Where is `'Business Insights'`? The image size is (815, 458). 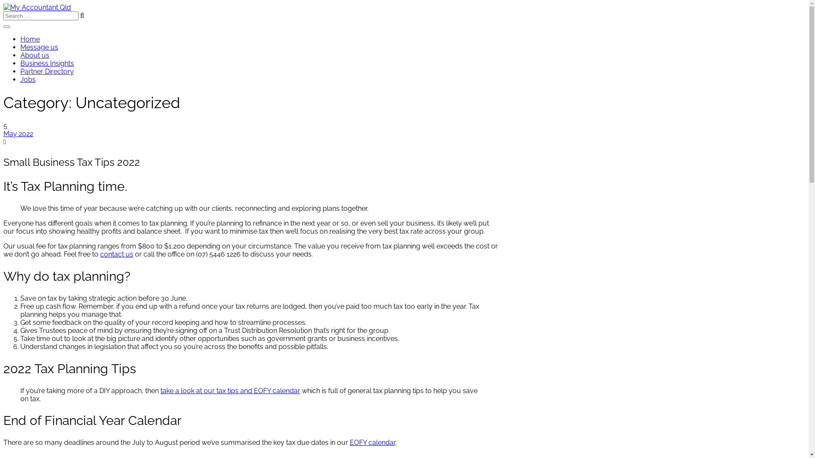 'Business Insights' is located at coordinates (46, 63).